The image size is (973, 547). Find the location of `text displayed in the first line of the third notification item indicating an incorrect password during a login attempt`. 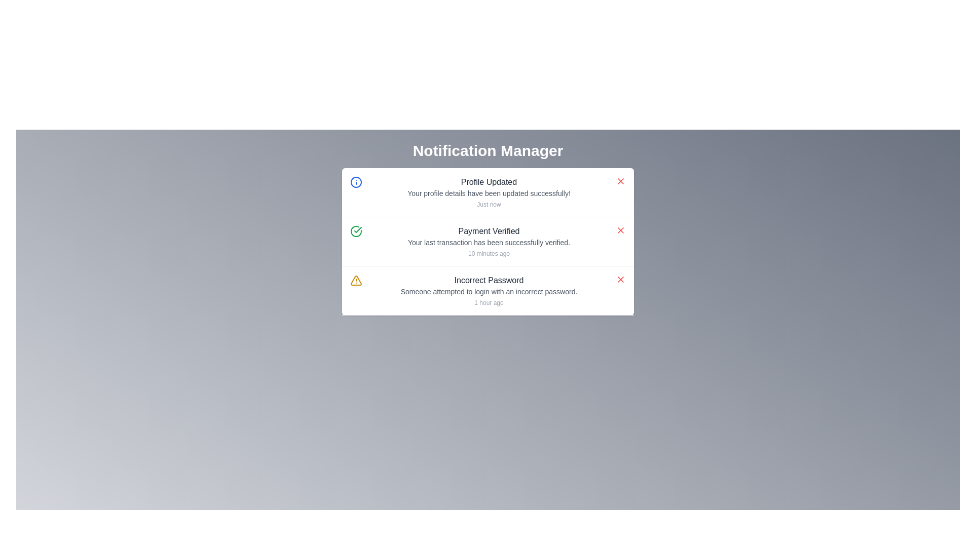

text displayed in the first line of the third notification item indicating an incorrect password during a login attempt is located at coordinates (489, 281).